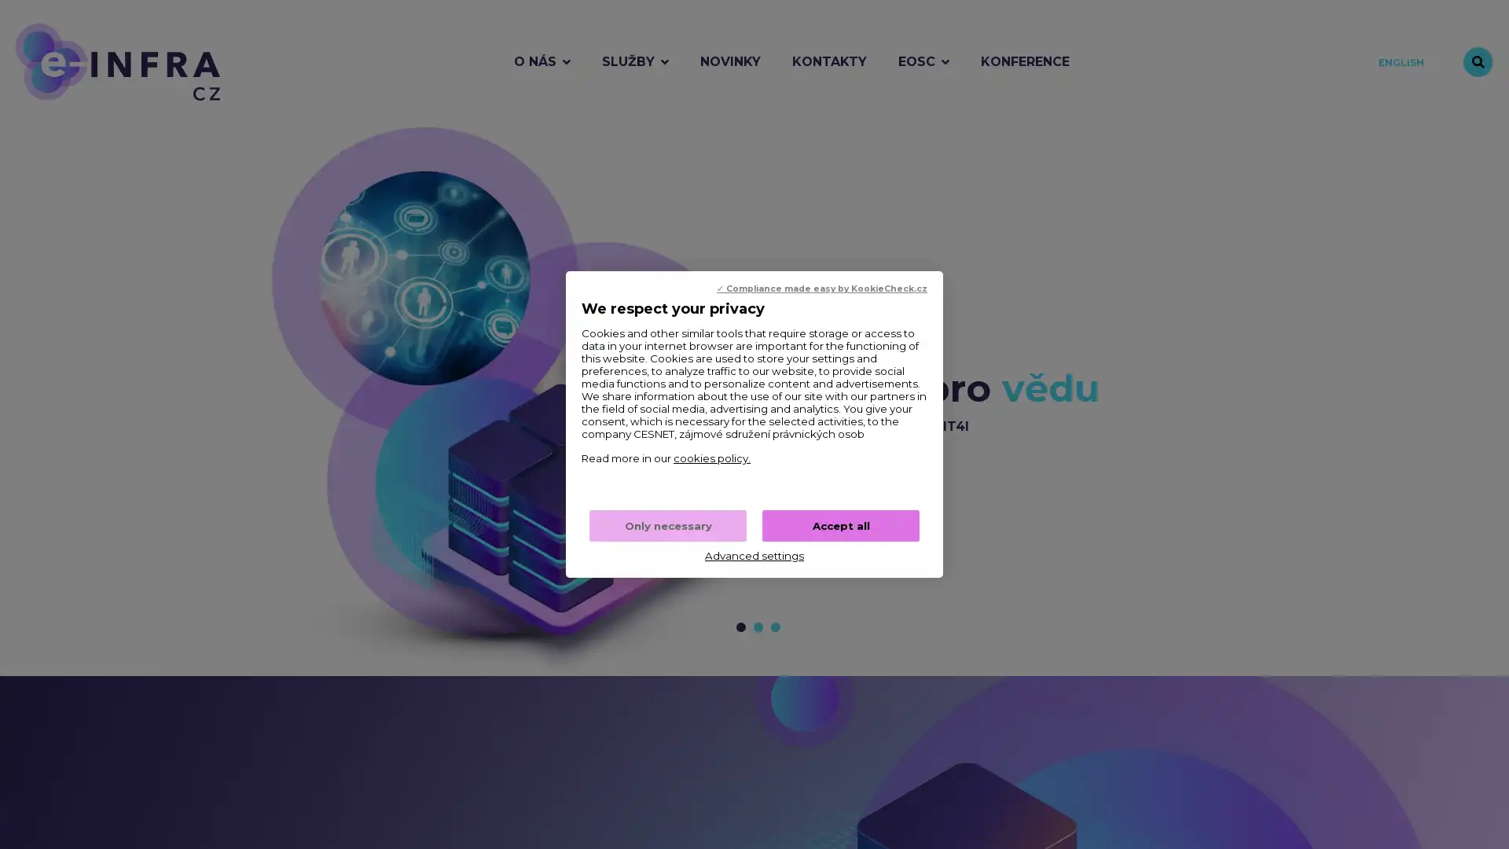 This screenshot has width=1509, height=849. What do you see at coordinates (740, 627) in the screenshot?
I see `Prejit na snimek c. 1` at bounding box center [740, 627].